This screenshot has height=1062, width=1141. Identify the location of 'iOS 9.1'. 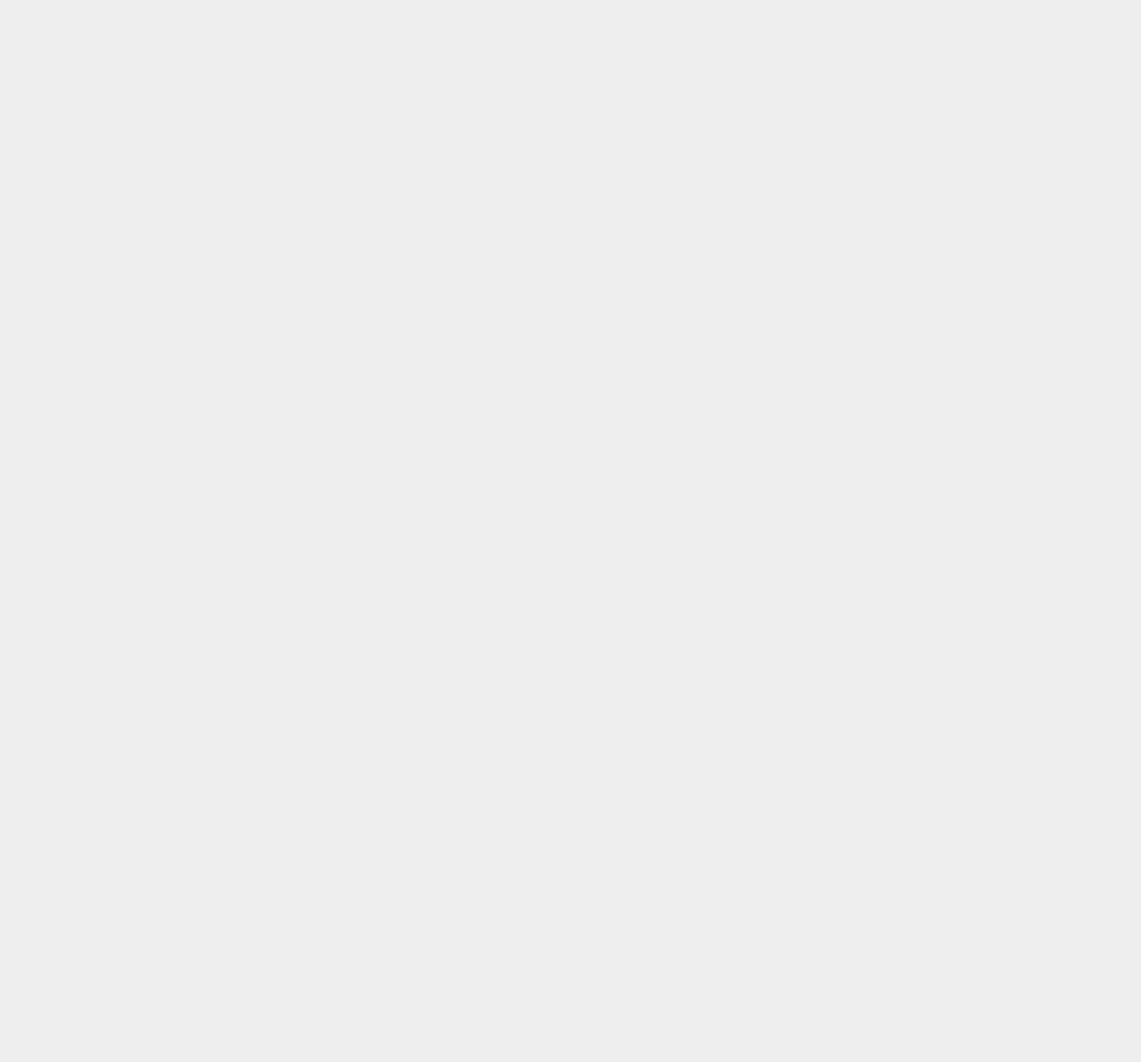
(827, 442).